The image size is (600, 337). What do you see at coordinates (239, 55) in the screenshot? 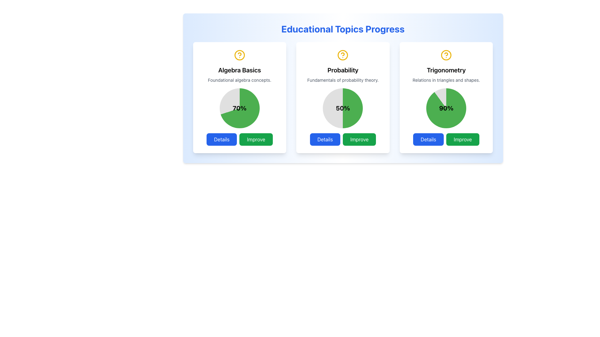
I see `the icon representation for information or help context located at the top-center of the 'Algebra Basics' card, which features a question mark icon` at bounding box center [239, 55].